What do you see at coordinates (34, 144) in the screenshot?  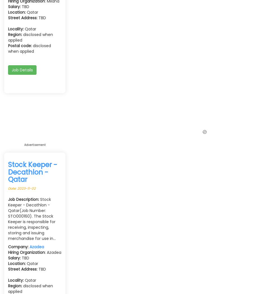 I see `'Advertisement'` at bounding box center [34, 144].